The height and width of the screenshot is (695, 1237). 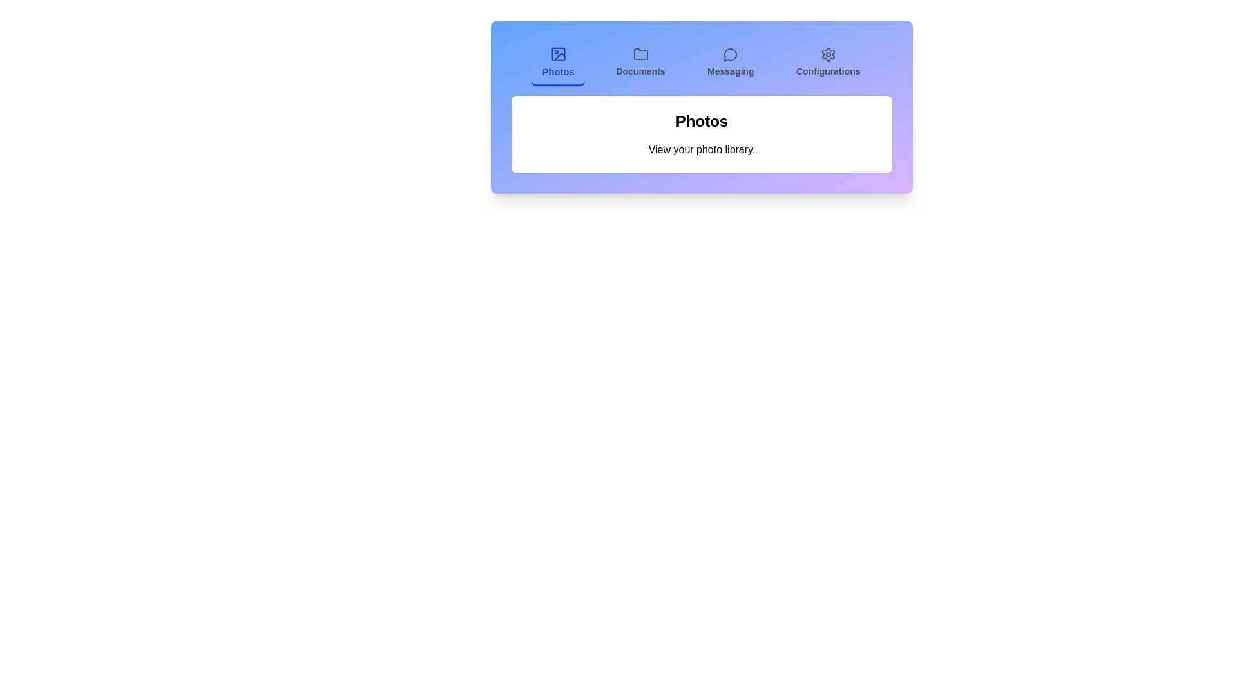 I want to click on the Documents tab to view its content, so click(x=640, y=64).